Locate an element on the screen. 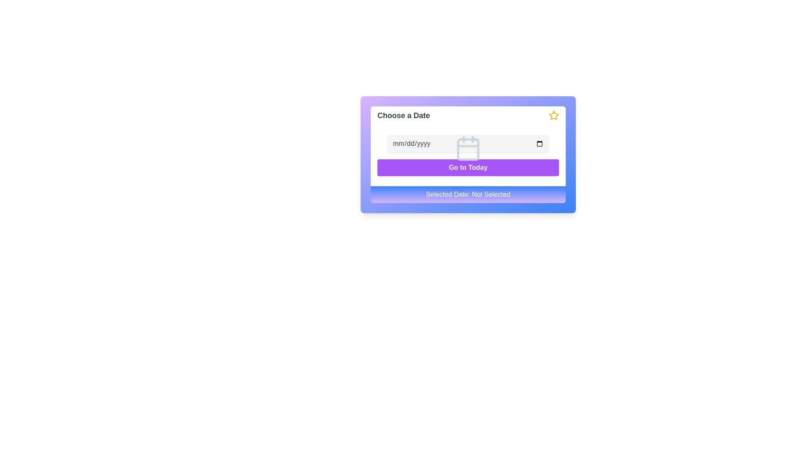 The width and height of the screenshot is (807, 454). text label located at the top left corner of the interface, serving as a title or heading for the content area below it is located at coordinates (403, 115).